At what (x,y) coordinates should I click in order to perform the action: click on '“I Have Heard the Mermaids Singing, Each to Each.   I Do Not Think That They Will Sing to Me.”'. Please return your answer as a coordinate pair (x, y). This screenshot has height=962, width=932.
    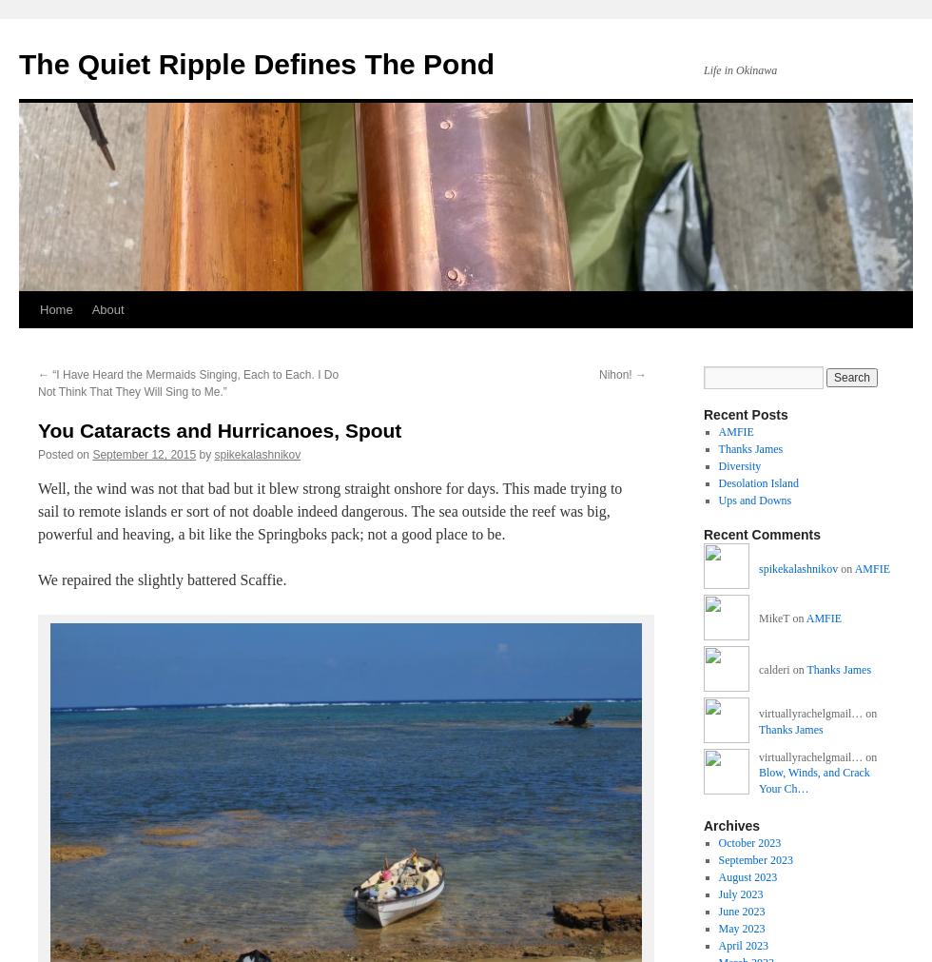
    Looking at the image, I should click on (37, 382).